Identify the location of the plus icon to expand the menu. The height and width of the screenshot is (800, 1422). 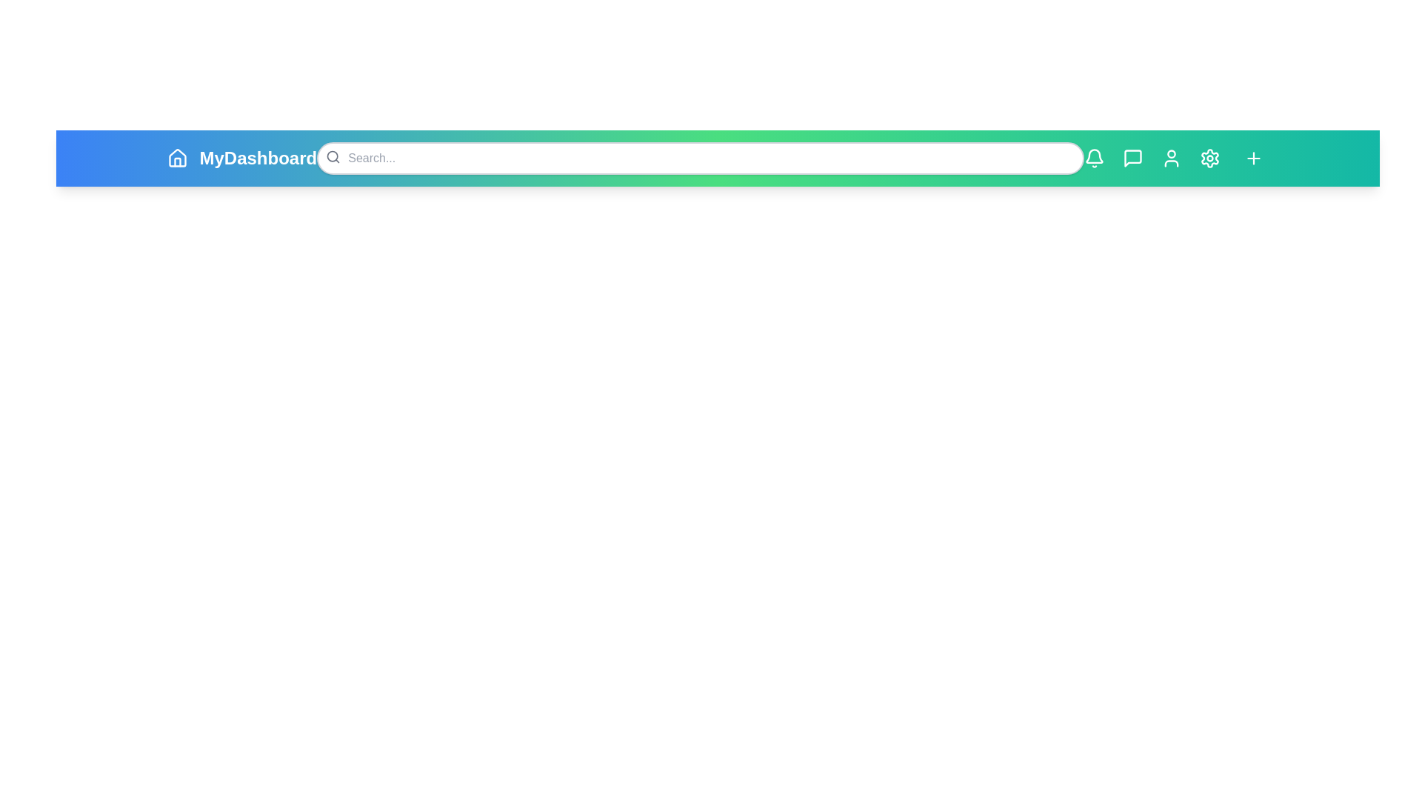
(1252, 158).